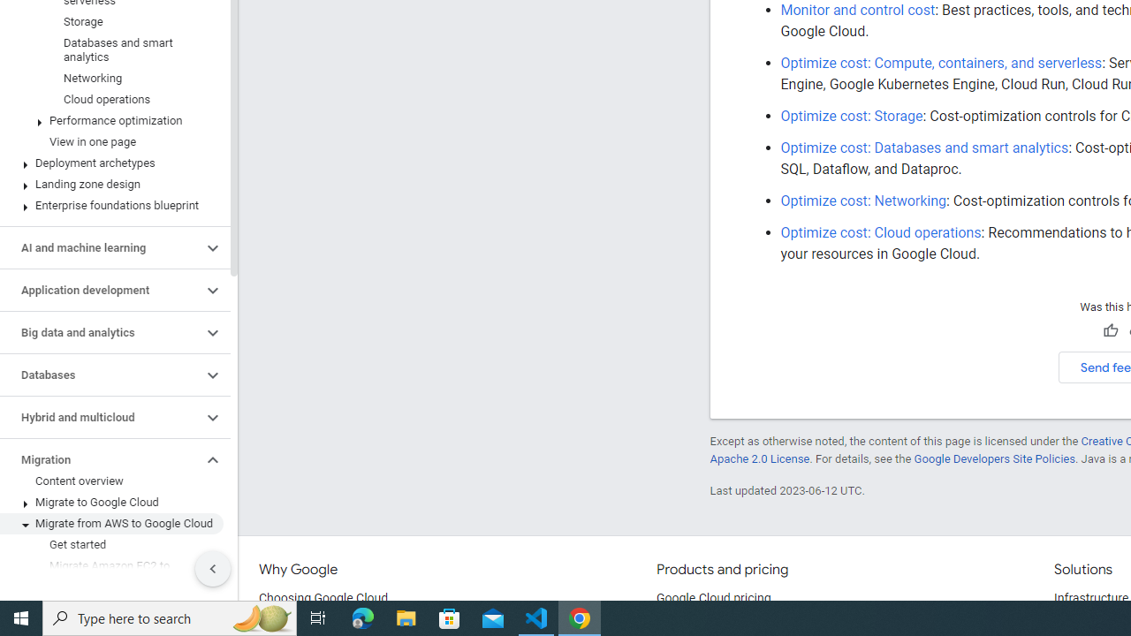  I want to click on 'Google Developers Site Policies', so click(994, 458).